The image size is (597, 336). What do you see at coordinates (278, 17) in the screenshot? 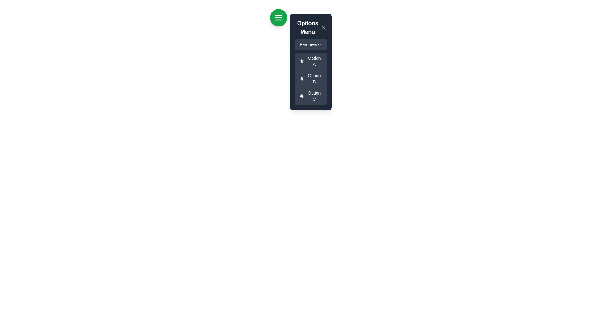
I see `the circular green button with white horizontal lines resembling a menu icon, located at the top-left corner above the 'Options Menu'` at bounding box center [278, 17].